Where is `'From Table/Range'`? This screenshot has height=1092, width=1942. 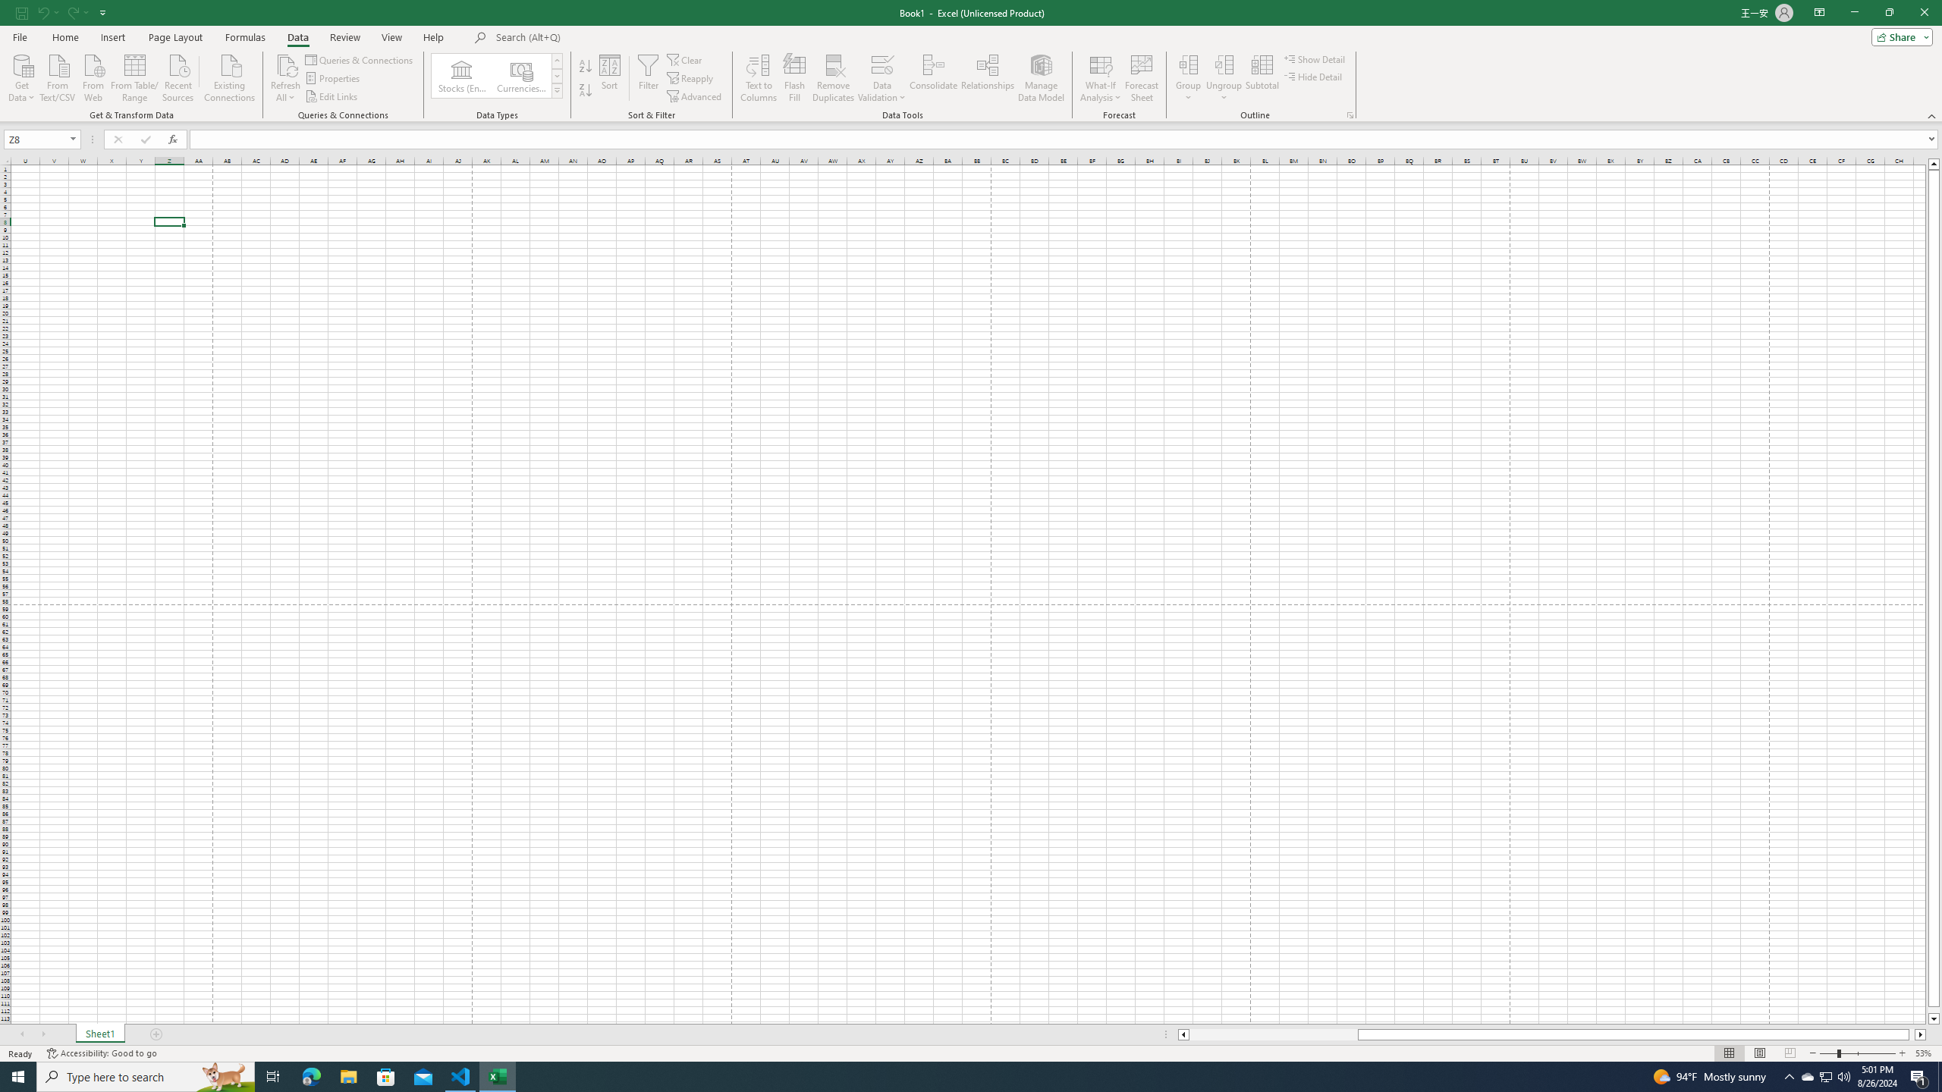
'From Table/Range' is located at coordinates (134, 76).